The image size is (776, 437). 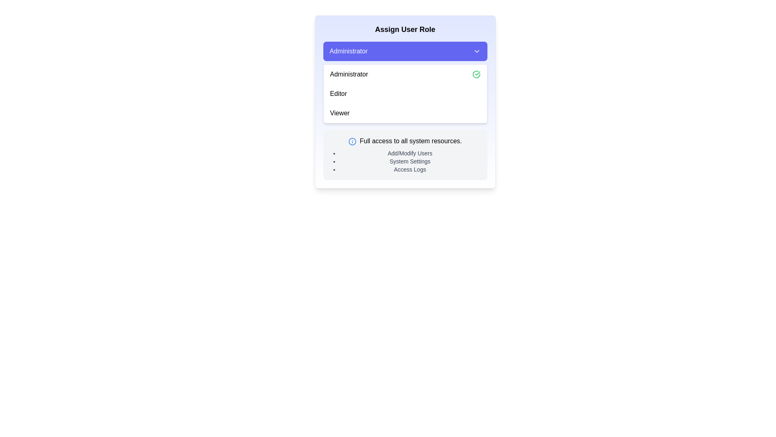 What do you see at coordinates (405, 51) in the screenshot?
I see `the indigo-colored dropdown button labeled 'Administrator' with a downward chevron` at bounding box center [405, 51].